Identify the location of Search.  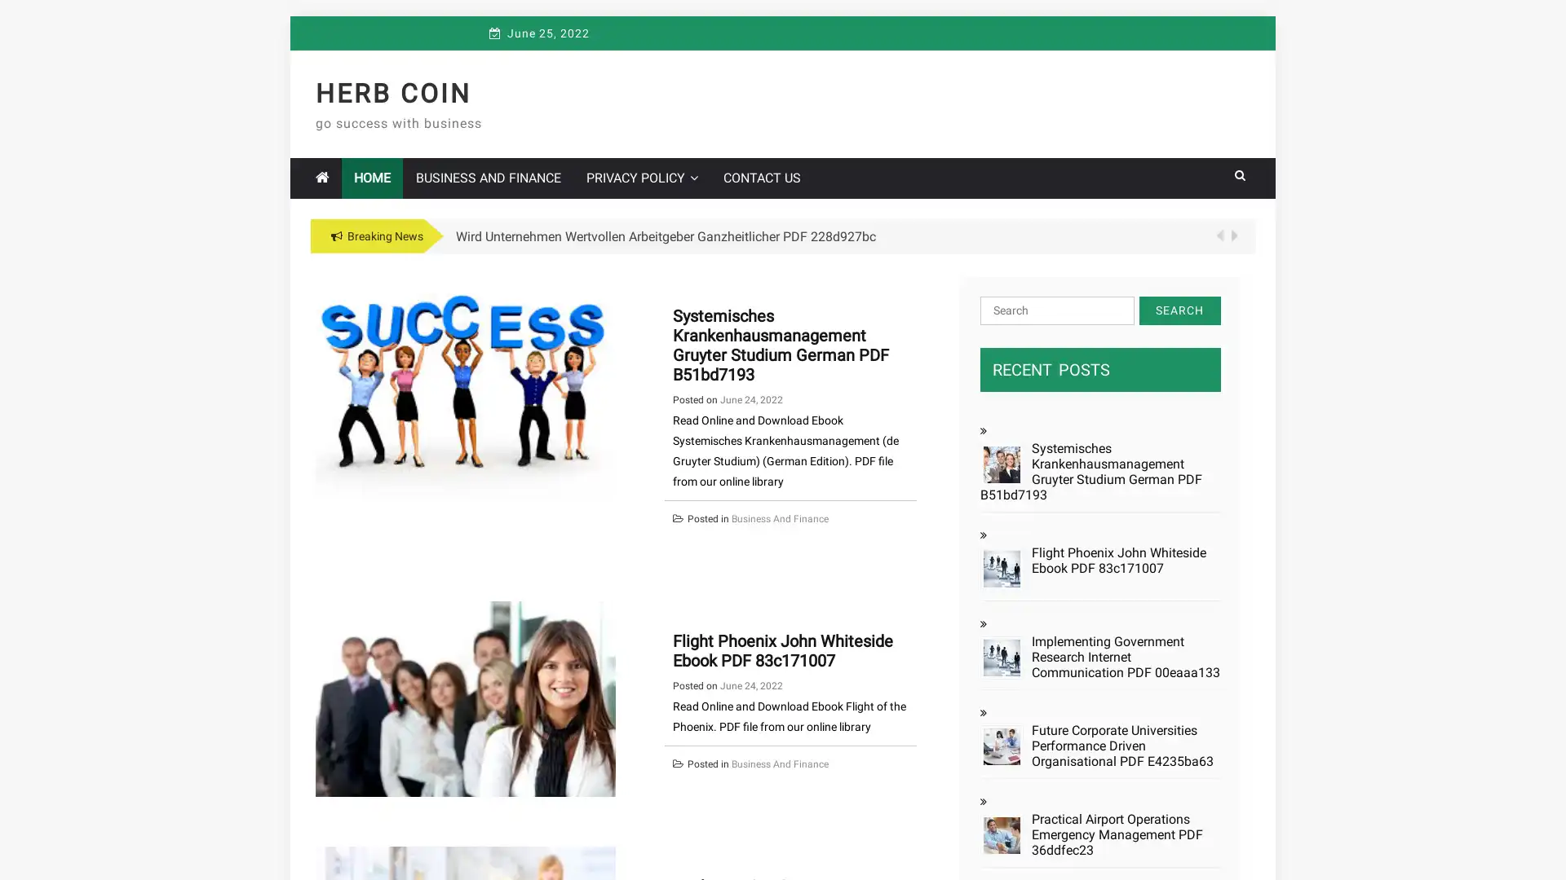
(1179, 310).